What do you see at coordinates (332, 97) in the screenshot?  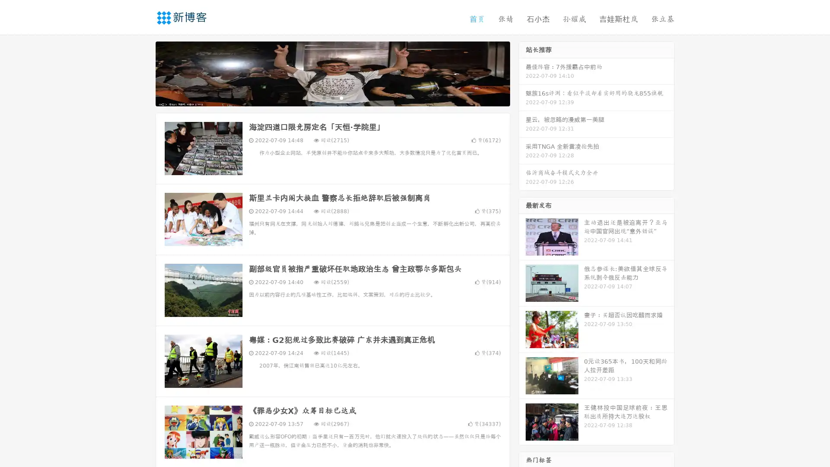 I see `Go to slide 2` at bounding box center [332, 97].